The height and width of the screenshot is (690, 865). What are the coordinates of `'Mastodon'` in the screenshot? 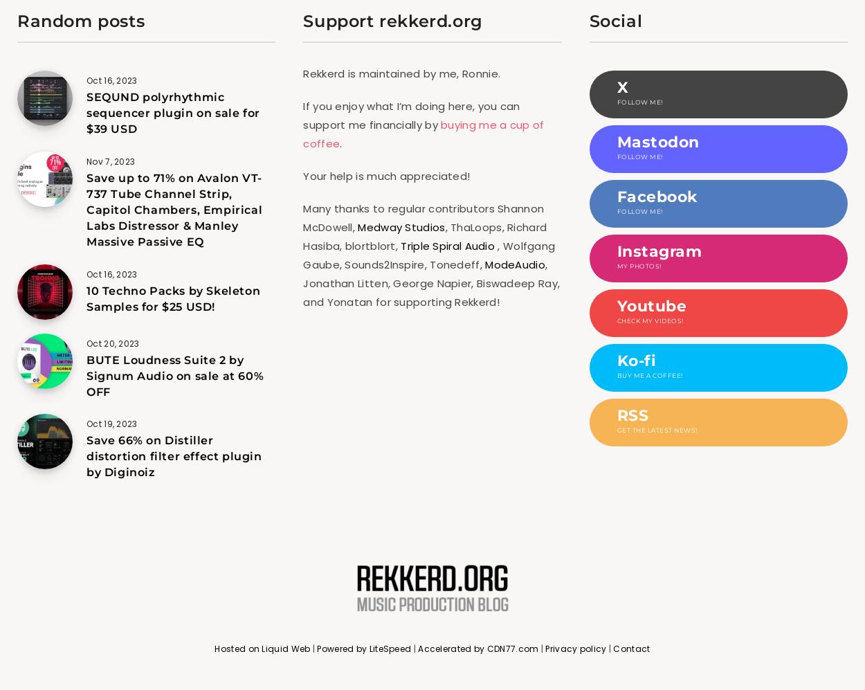 It's located at (657, 142).